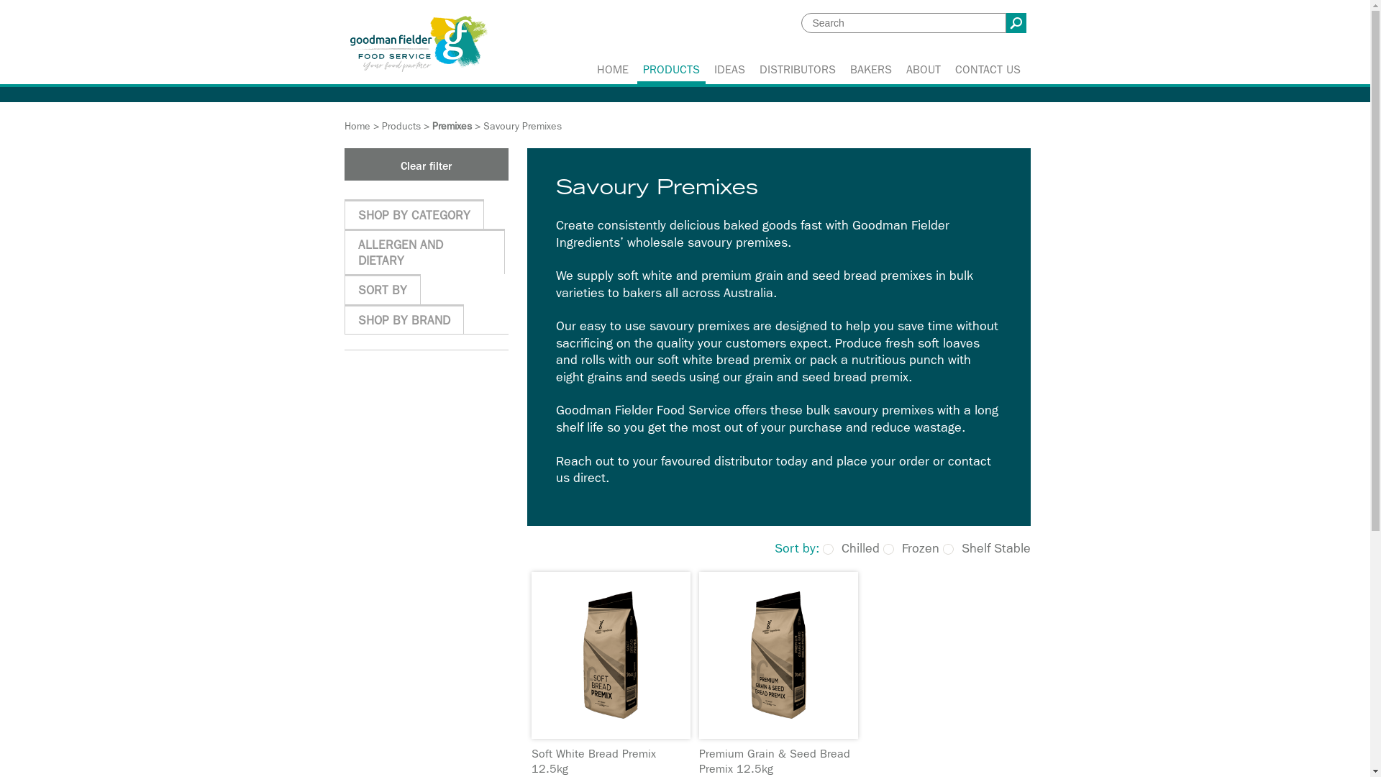 Image resolution: width=1381 pixels, height=777 pixels. Describe the element at coordinates (670, 70) in the screenshot. I see `'PRODUCTS'` at that location.